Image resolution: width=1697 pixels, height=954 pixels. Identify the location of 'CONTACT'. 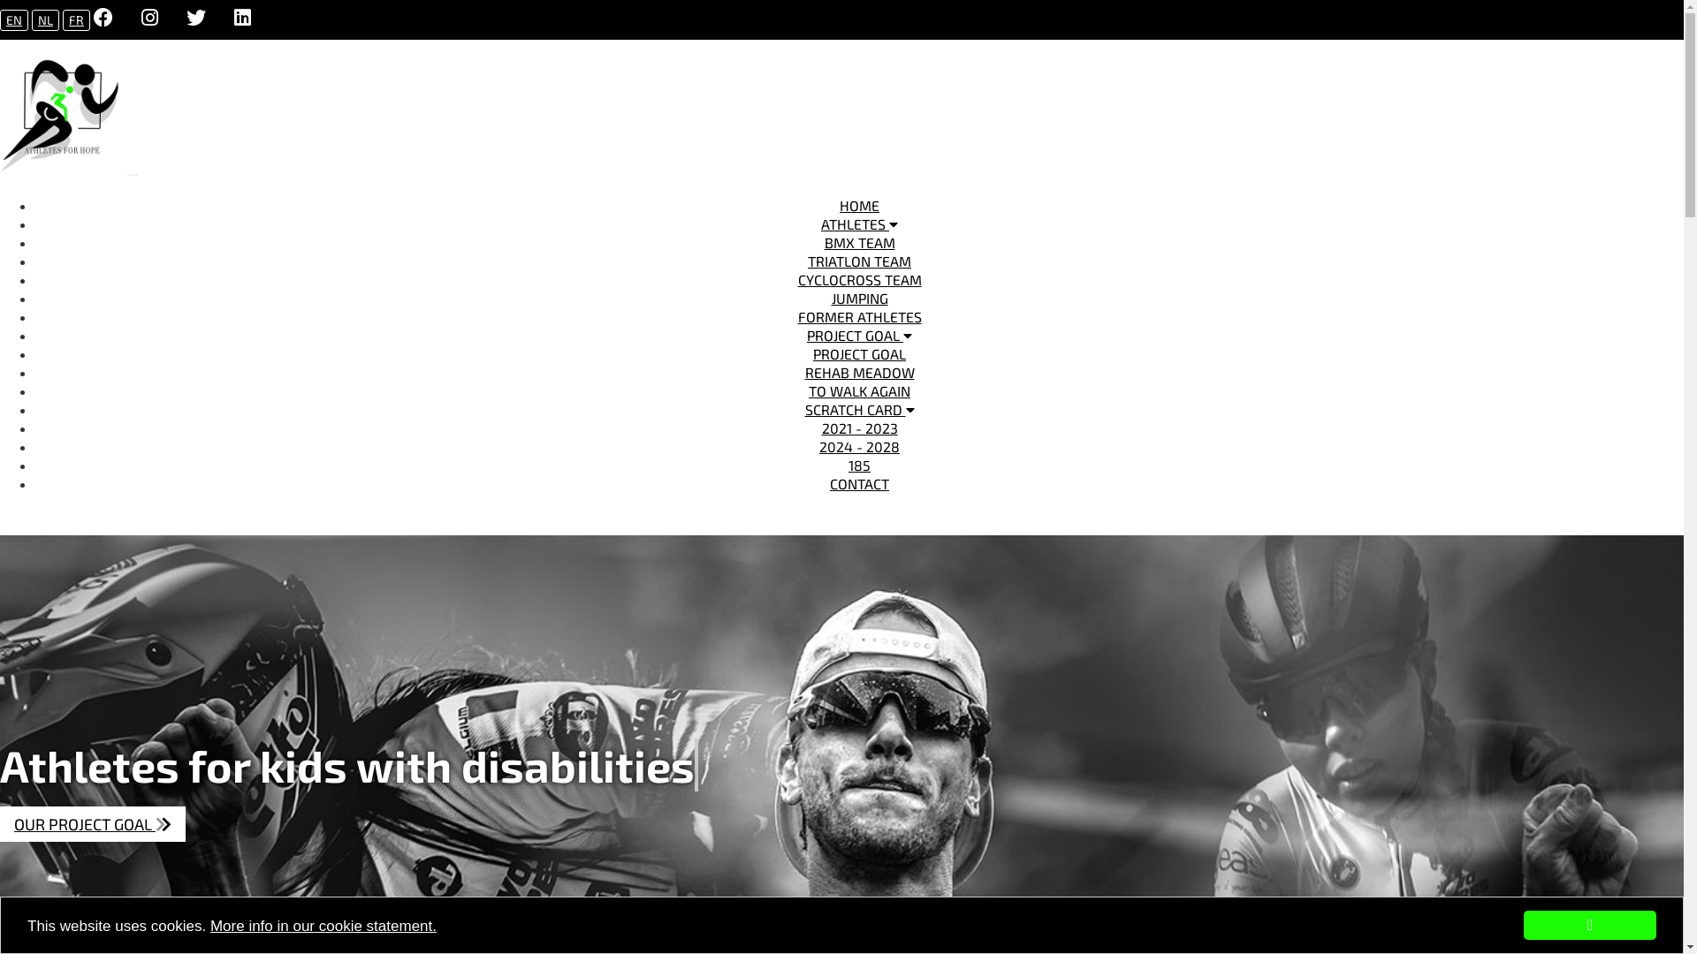
(829, 483).